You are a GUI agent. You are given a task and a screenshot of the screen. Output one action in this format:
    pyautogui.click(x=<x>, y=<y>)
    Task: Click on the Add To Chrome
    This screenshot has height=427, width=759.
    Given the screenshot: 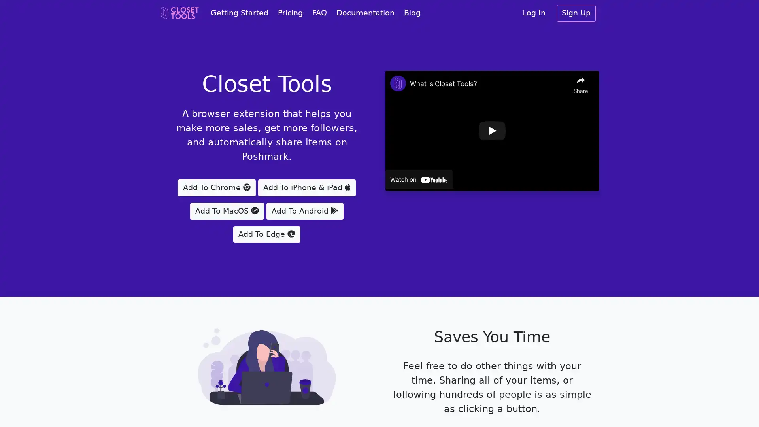 What is the action you would take?
    pyautogui.click(x=217, y=187)
    